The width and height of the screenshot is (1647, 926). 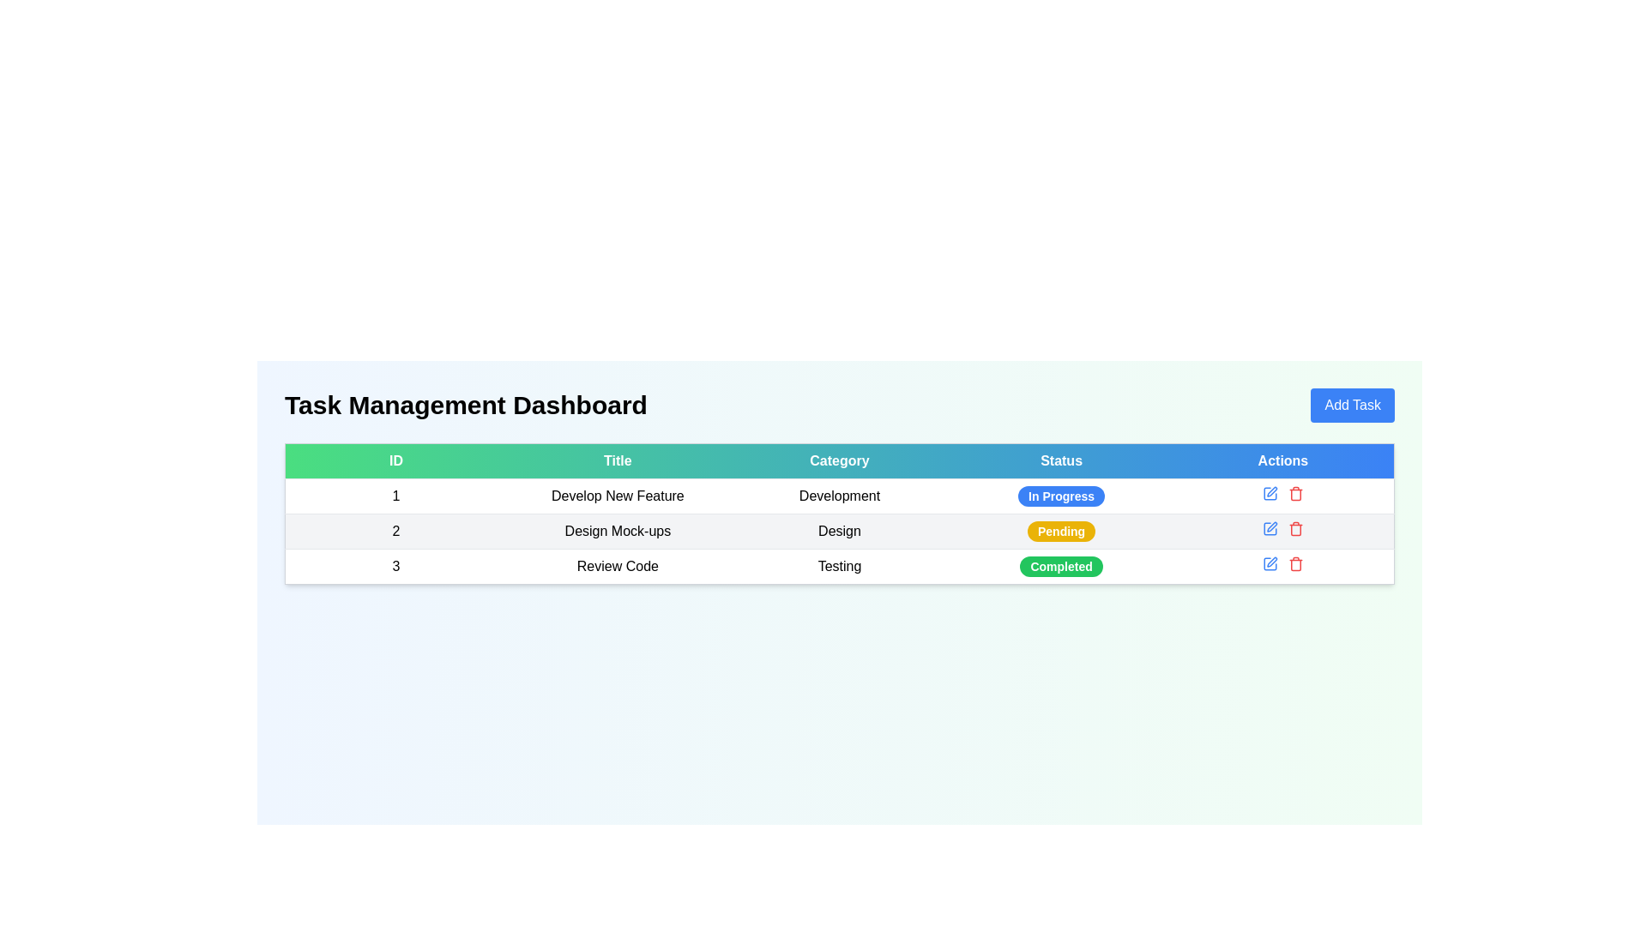 I want to click on the red trash icon in the Actions column of the third row, so click(x=1295, y=493).